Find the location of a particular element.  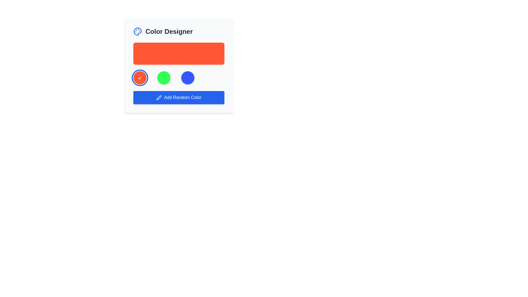

the second circular green button located below the red rectangular section is located at coordinates (163, 78).